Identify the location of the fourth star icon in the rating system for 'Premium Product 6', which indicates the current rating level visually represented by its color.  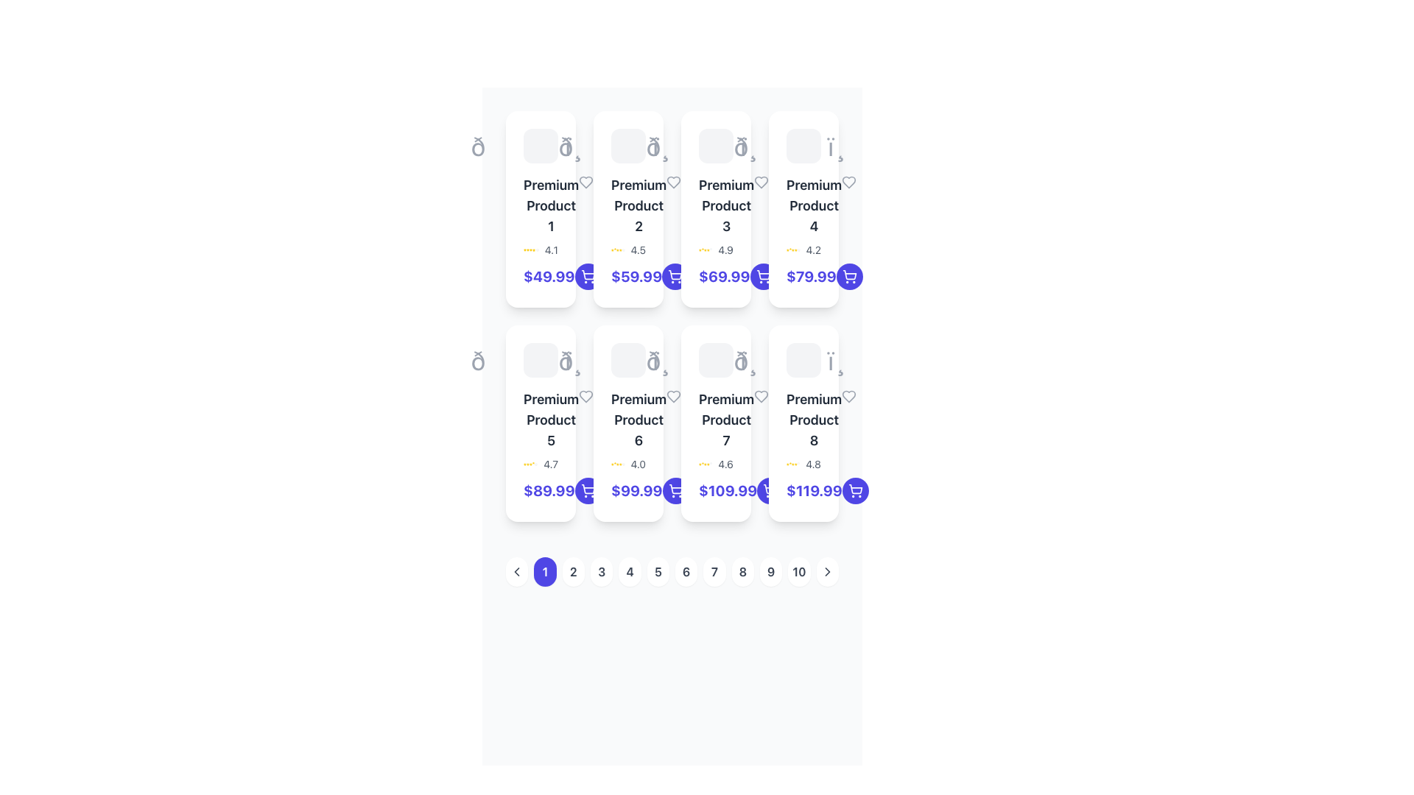
(620, 464).